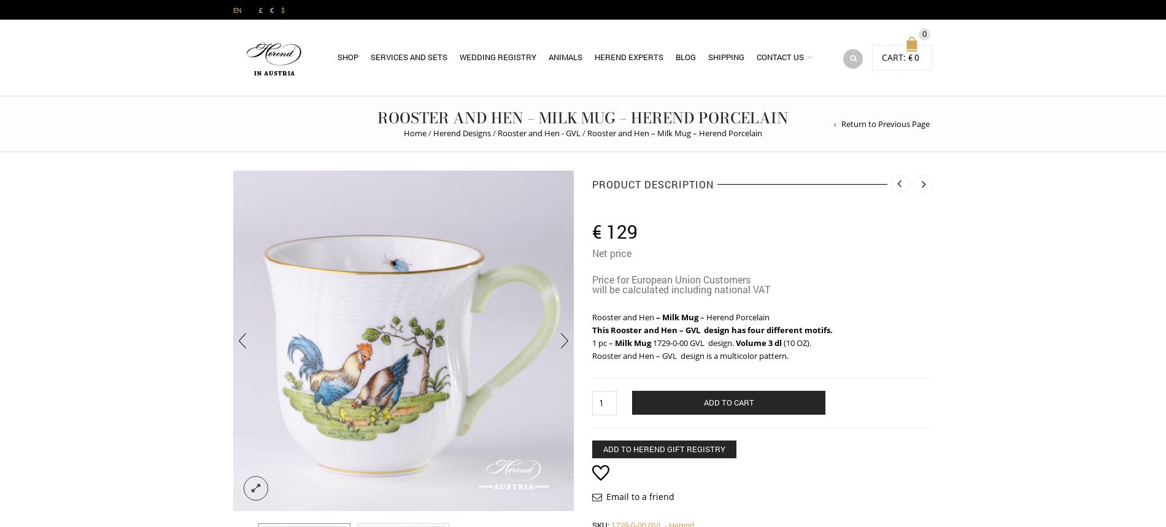 The width and height of the screenshot is (1166, 527). Describe the element at coordinates (653, 183) in the screenshot. I see `'Product Description'` at that location.